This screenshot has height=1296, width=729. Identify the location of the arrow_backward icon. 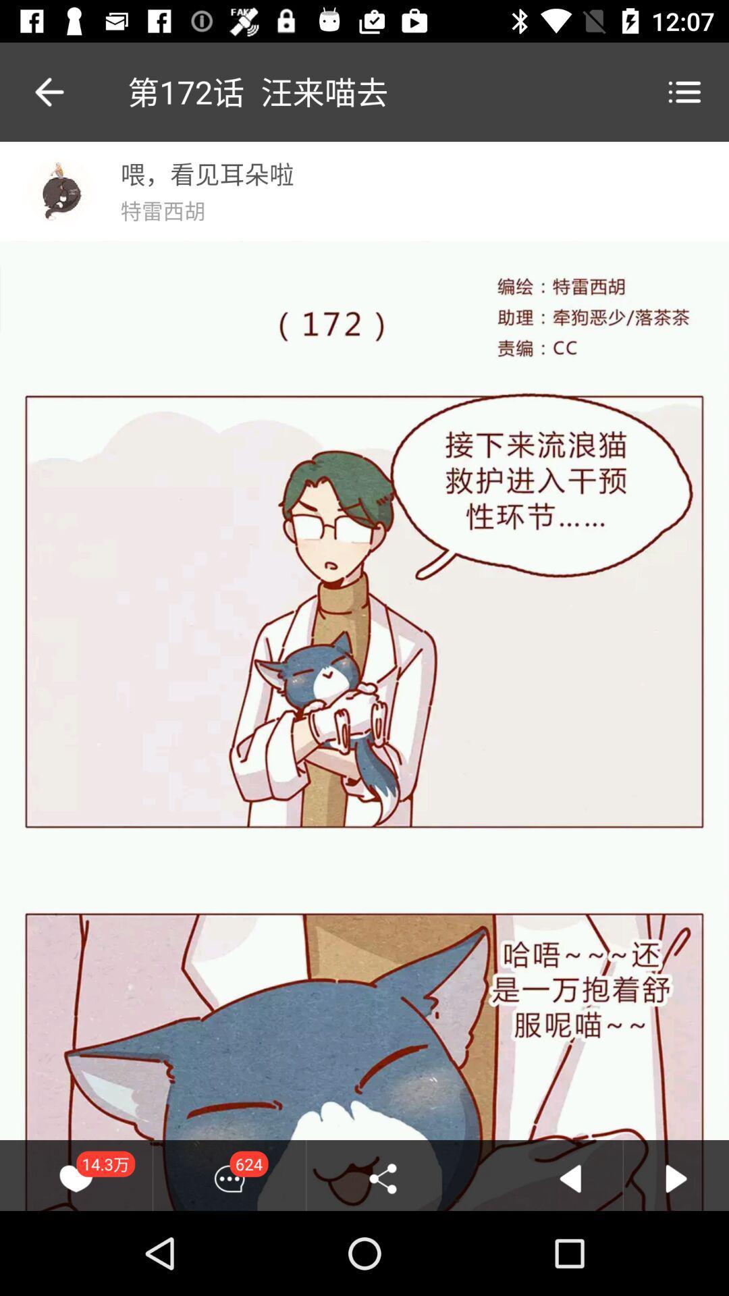
(34, 91).